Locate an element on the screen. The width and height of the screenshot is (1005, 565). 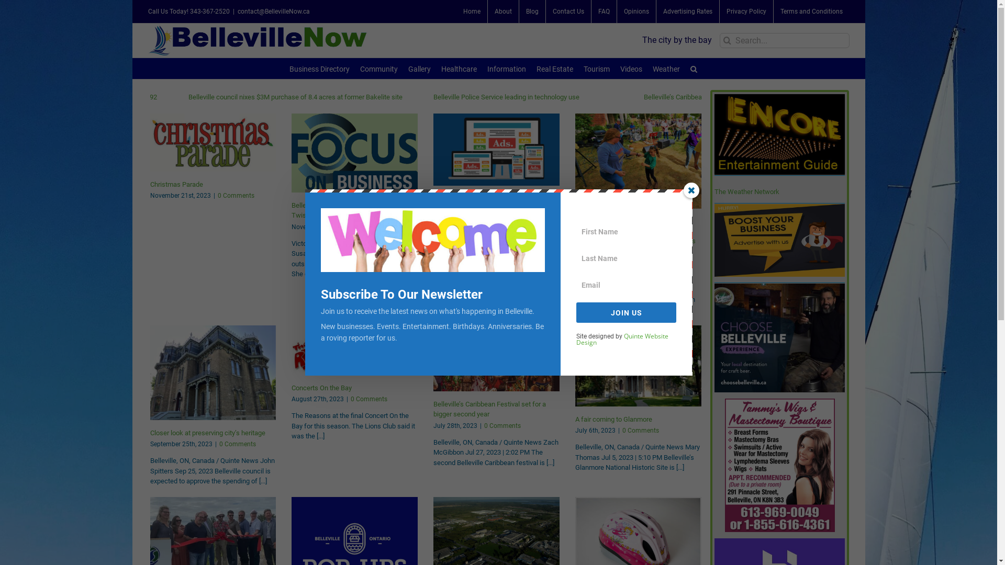
'Advertising Rates' is located at coordinates (688, 12).